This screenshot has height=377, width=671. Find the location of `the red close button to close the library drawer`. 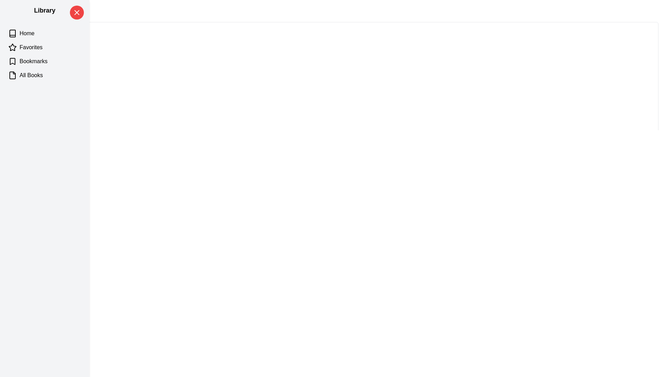

the red close button to close the library drawer is located at coordinates (77, 12).